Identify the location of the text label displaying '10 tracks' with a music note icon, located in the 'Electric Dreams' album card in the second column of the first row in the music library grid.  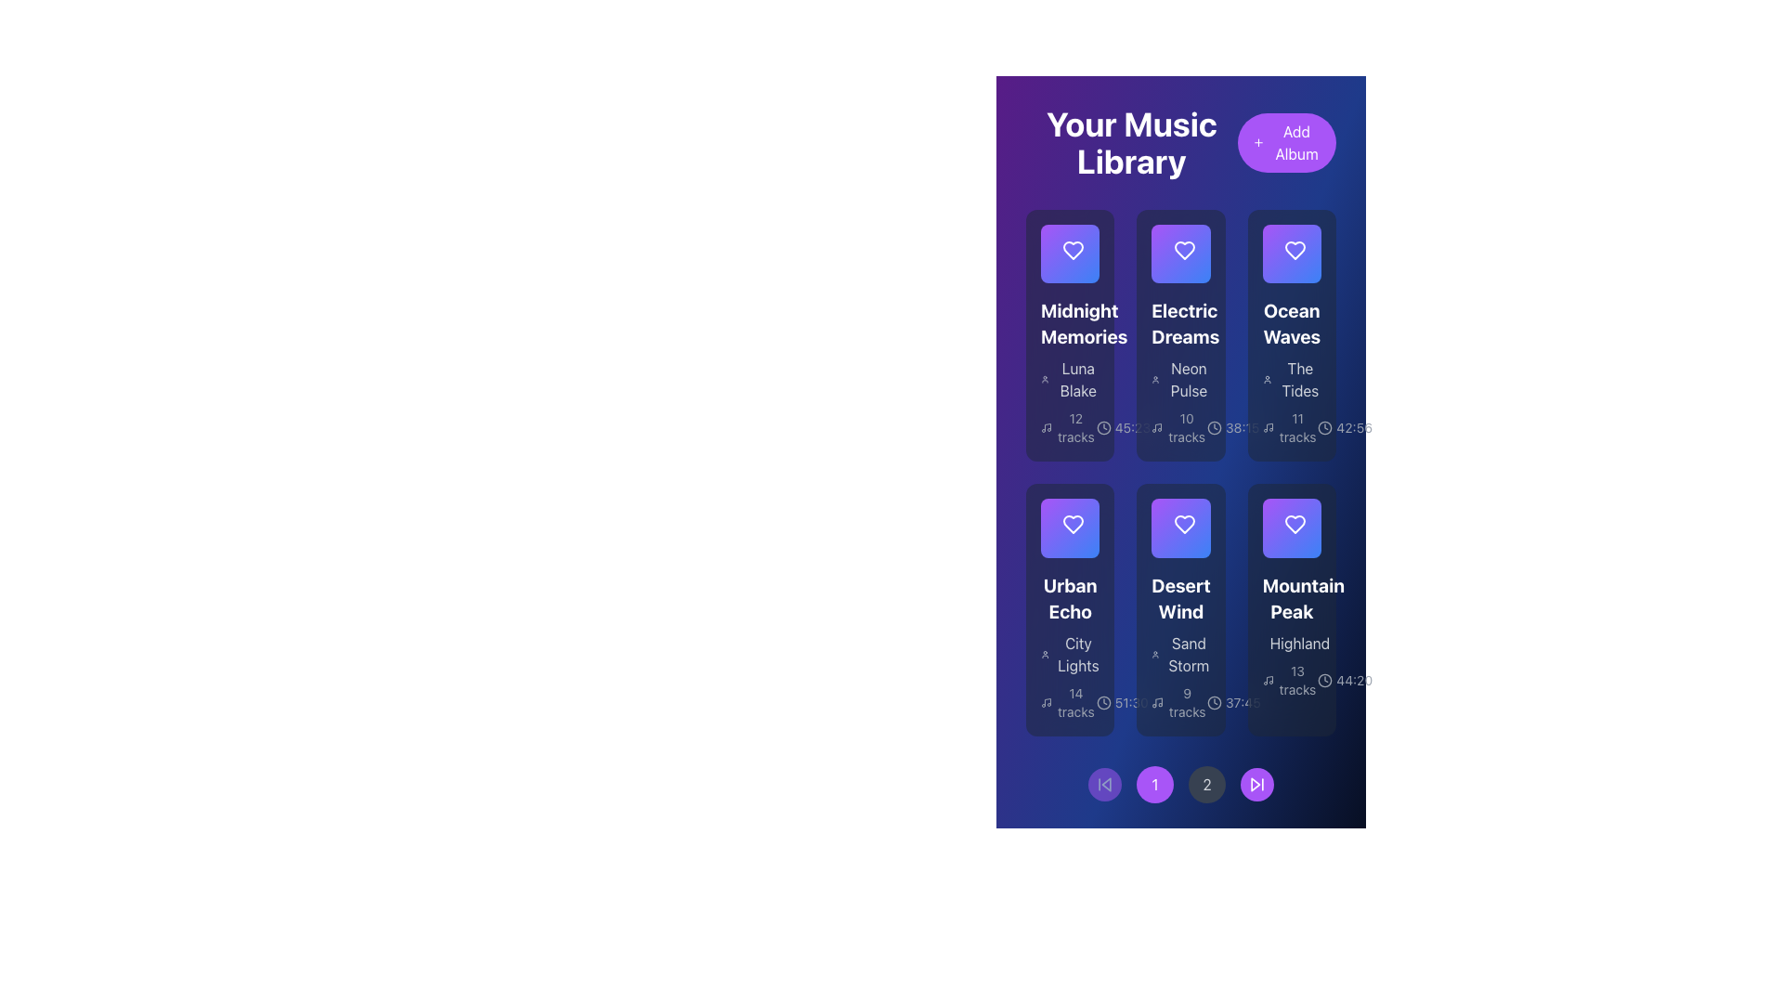
(1180, 428).